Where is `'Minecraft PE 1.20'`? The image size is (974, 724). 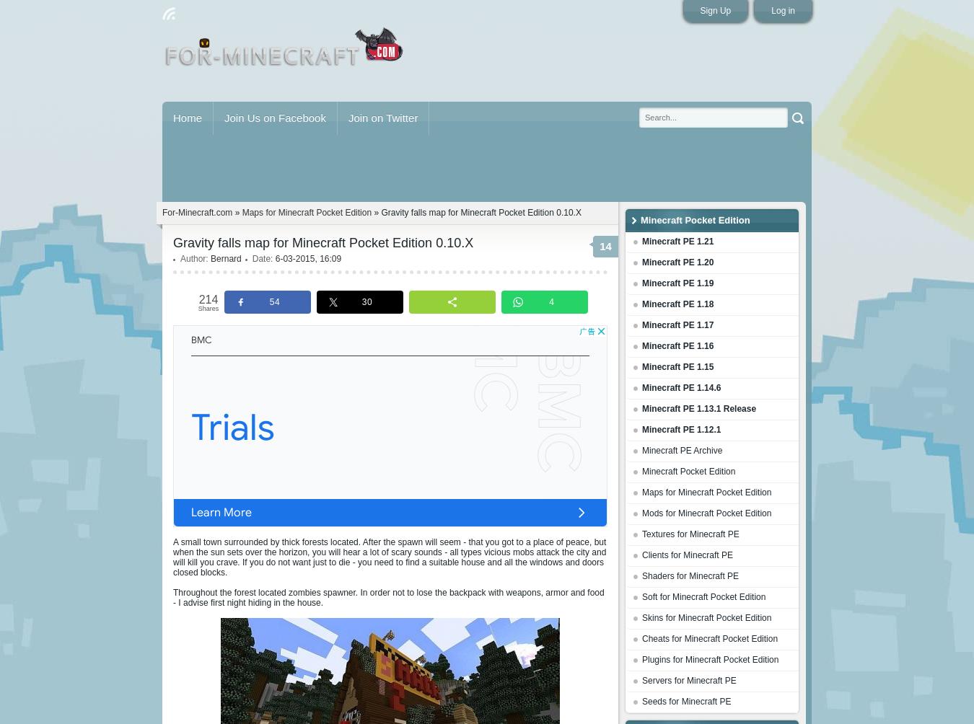
'Minecraft PE 1.20' is located at coordinates (642, 262).